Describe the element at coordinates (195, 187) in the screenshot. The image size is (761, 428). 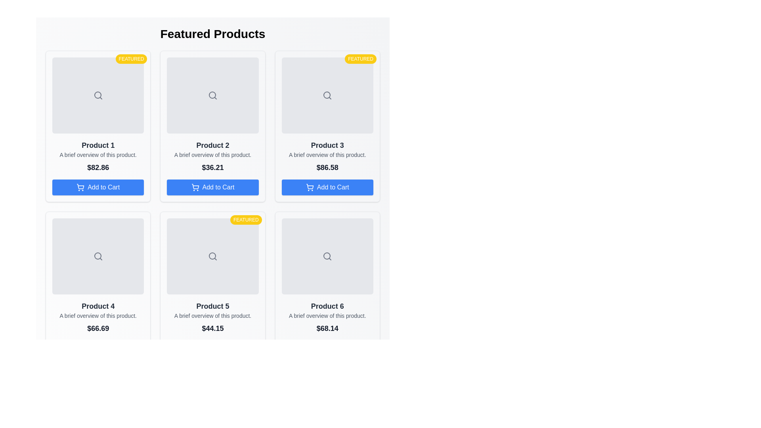
I see `the shopping cart icon, which is a minimalistic outline design in white, located within the blue 'Add to Cart' button of the second product card in the grid layout under 'Featured Products'` at that location.